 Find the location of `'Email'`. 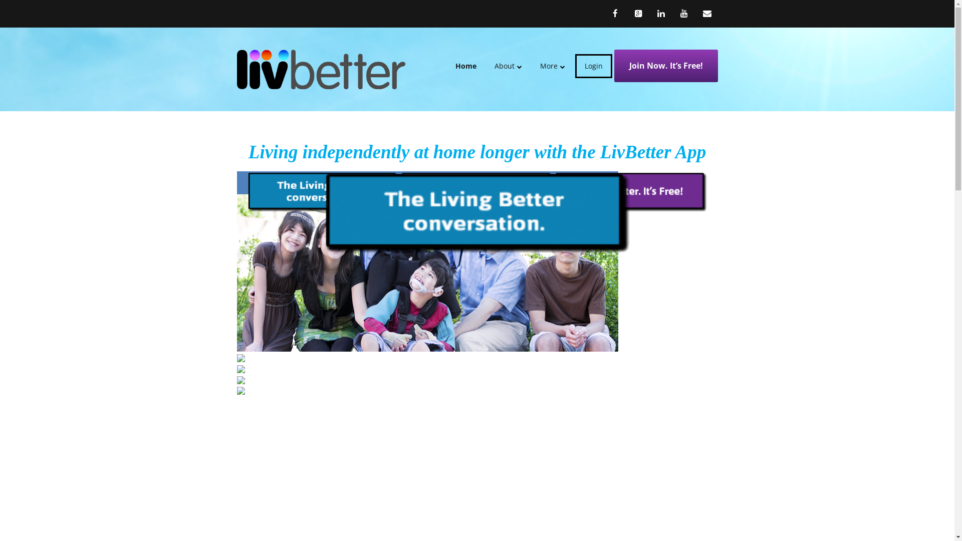

'Email' is located at coordinates (706, 14).